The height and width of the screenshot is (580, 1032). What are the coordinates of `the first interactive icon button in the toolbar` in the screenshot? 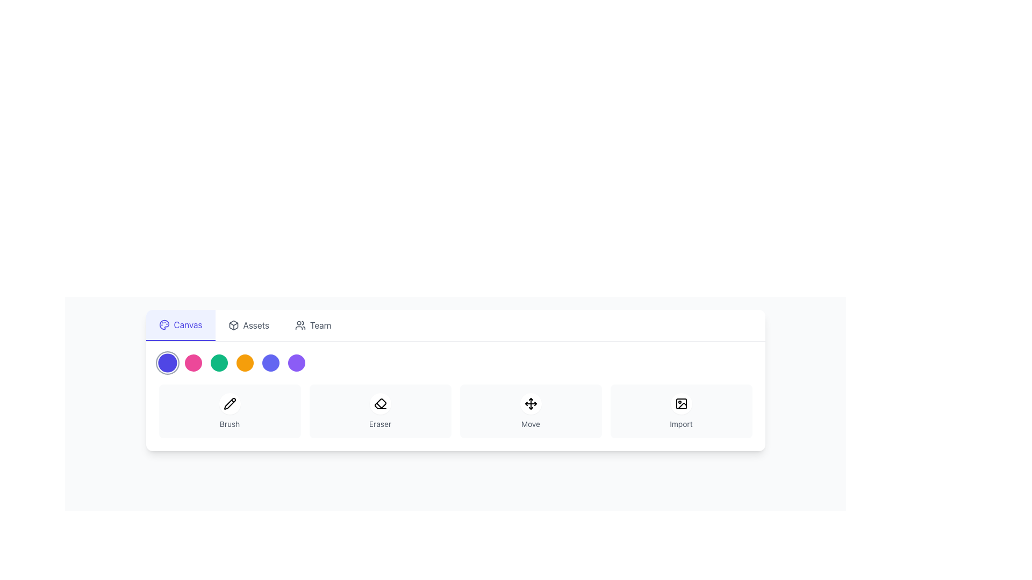 It's located at (229, 404).